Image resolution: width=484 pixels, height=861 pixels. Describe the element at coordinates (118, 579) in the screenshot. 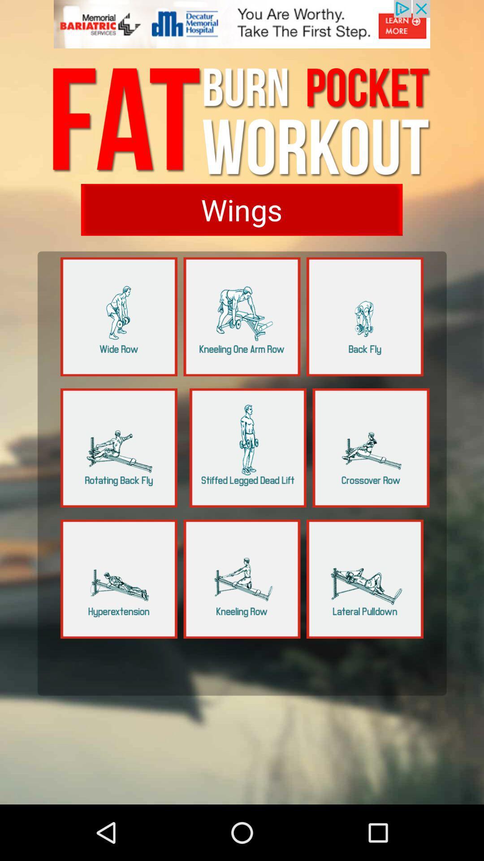

I see `choose the option` at that location.